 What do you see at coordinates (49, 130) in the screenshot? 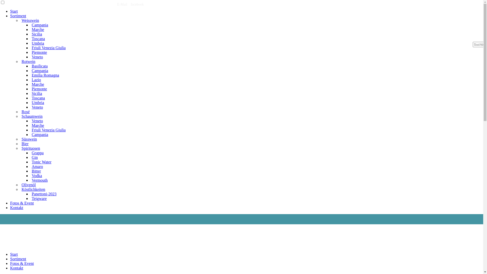
I see `'Friuli Venezia Giulia'` at bounding box center [49, 130].